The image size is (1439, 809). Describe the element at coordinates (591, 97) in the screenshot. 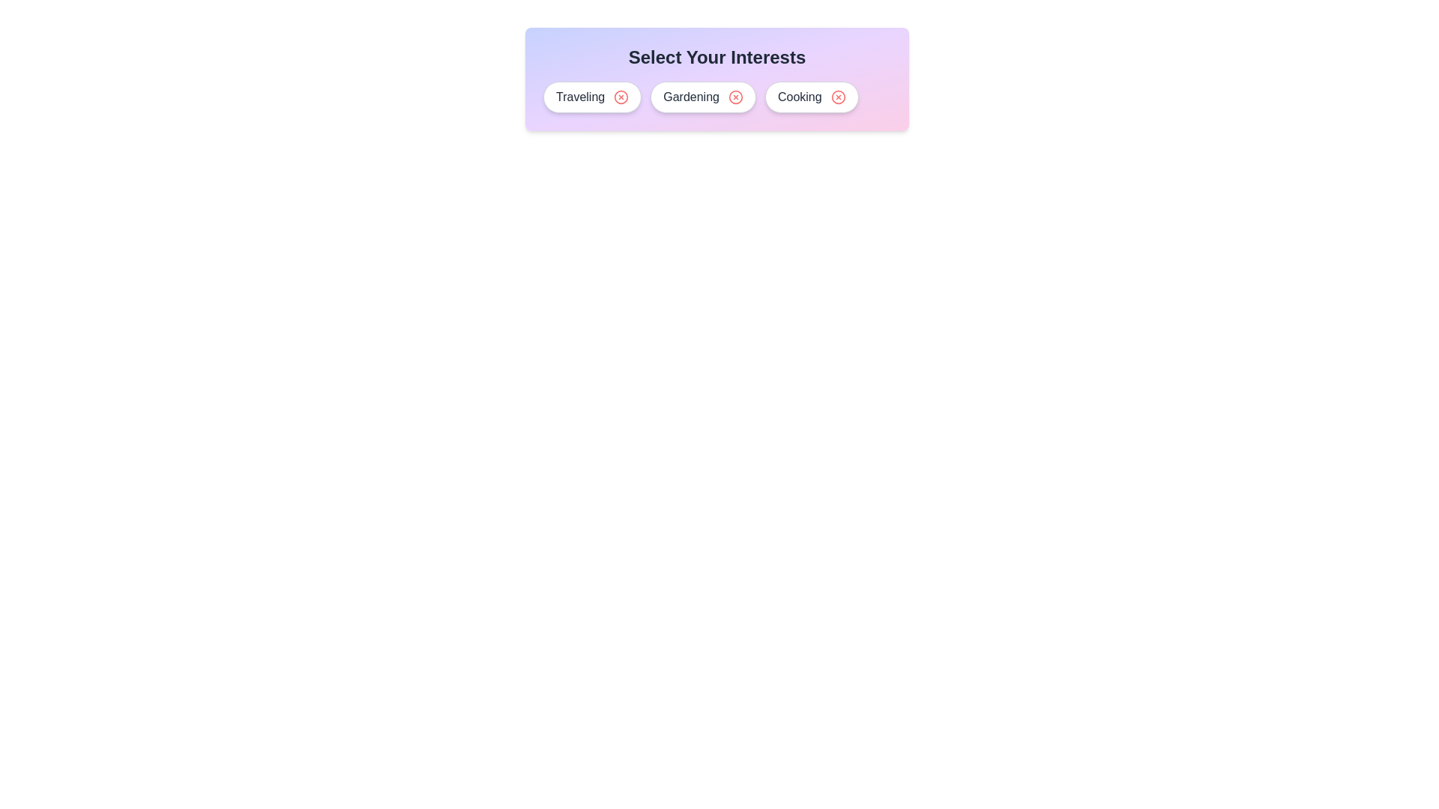

I see `the interest tag Traveling to observe its hover effect` at that location.